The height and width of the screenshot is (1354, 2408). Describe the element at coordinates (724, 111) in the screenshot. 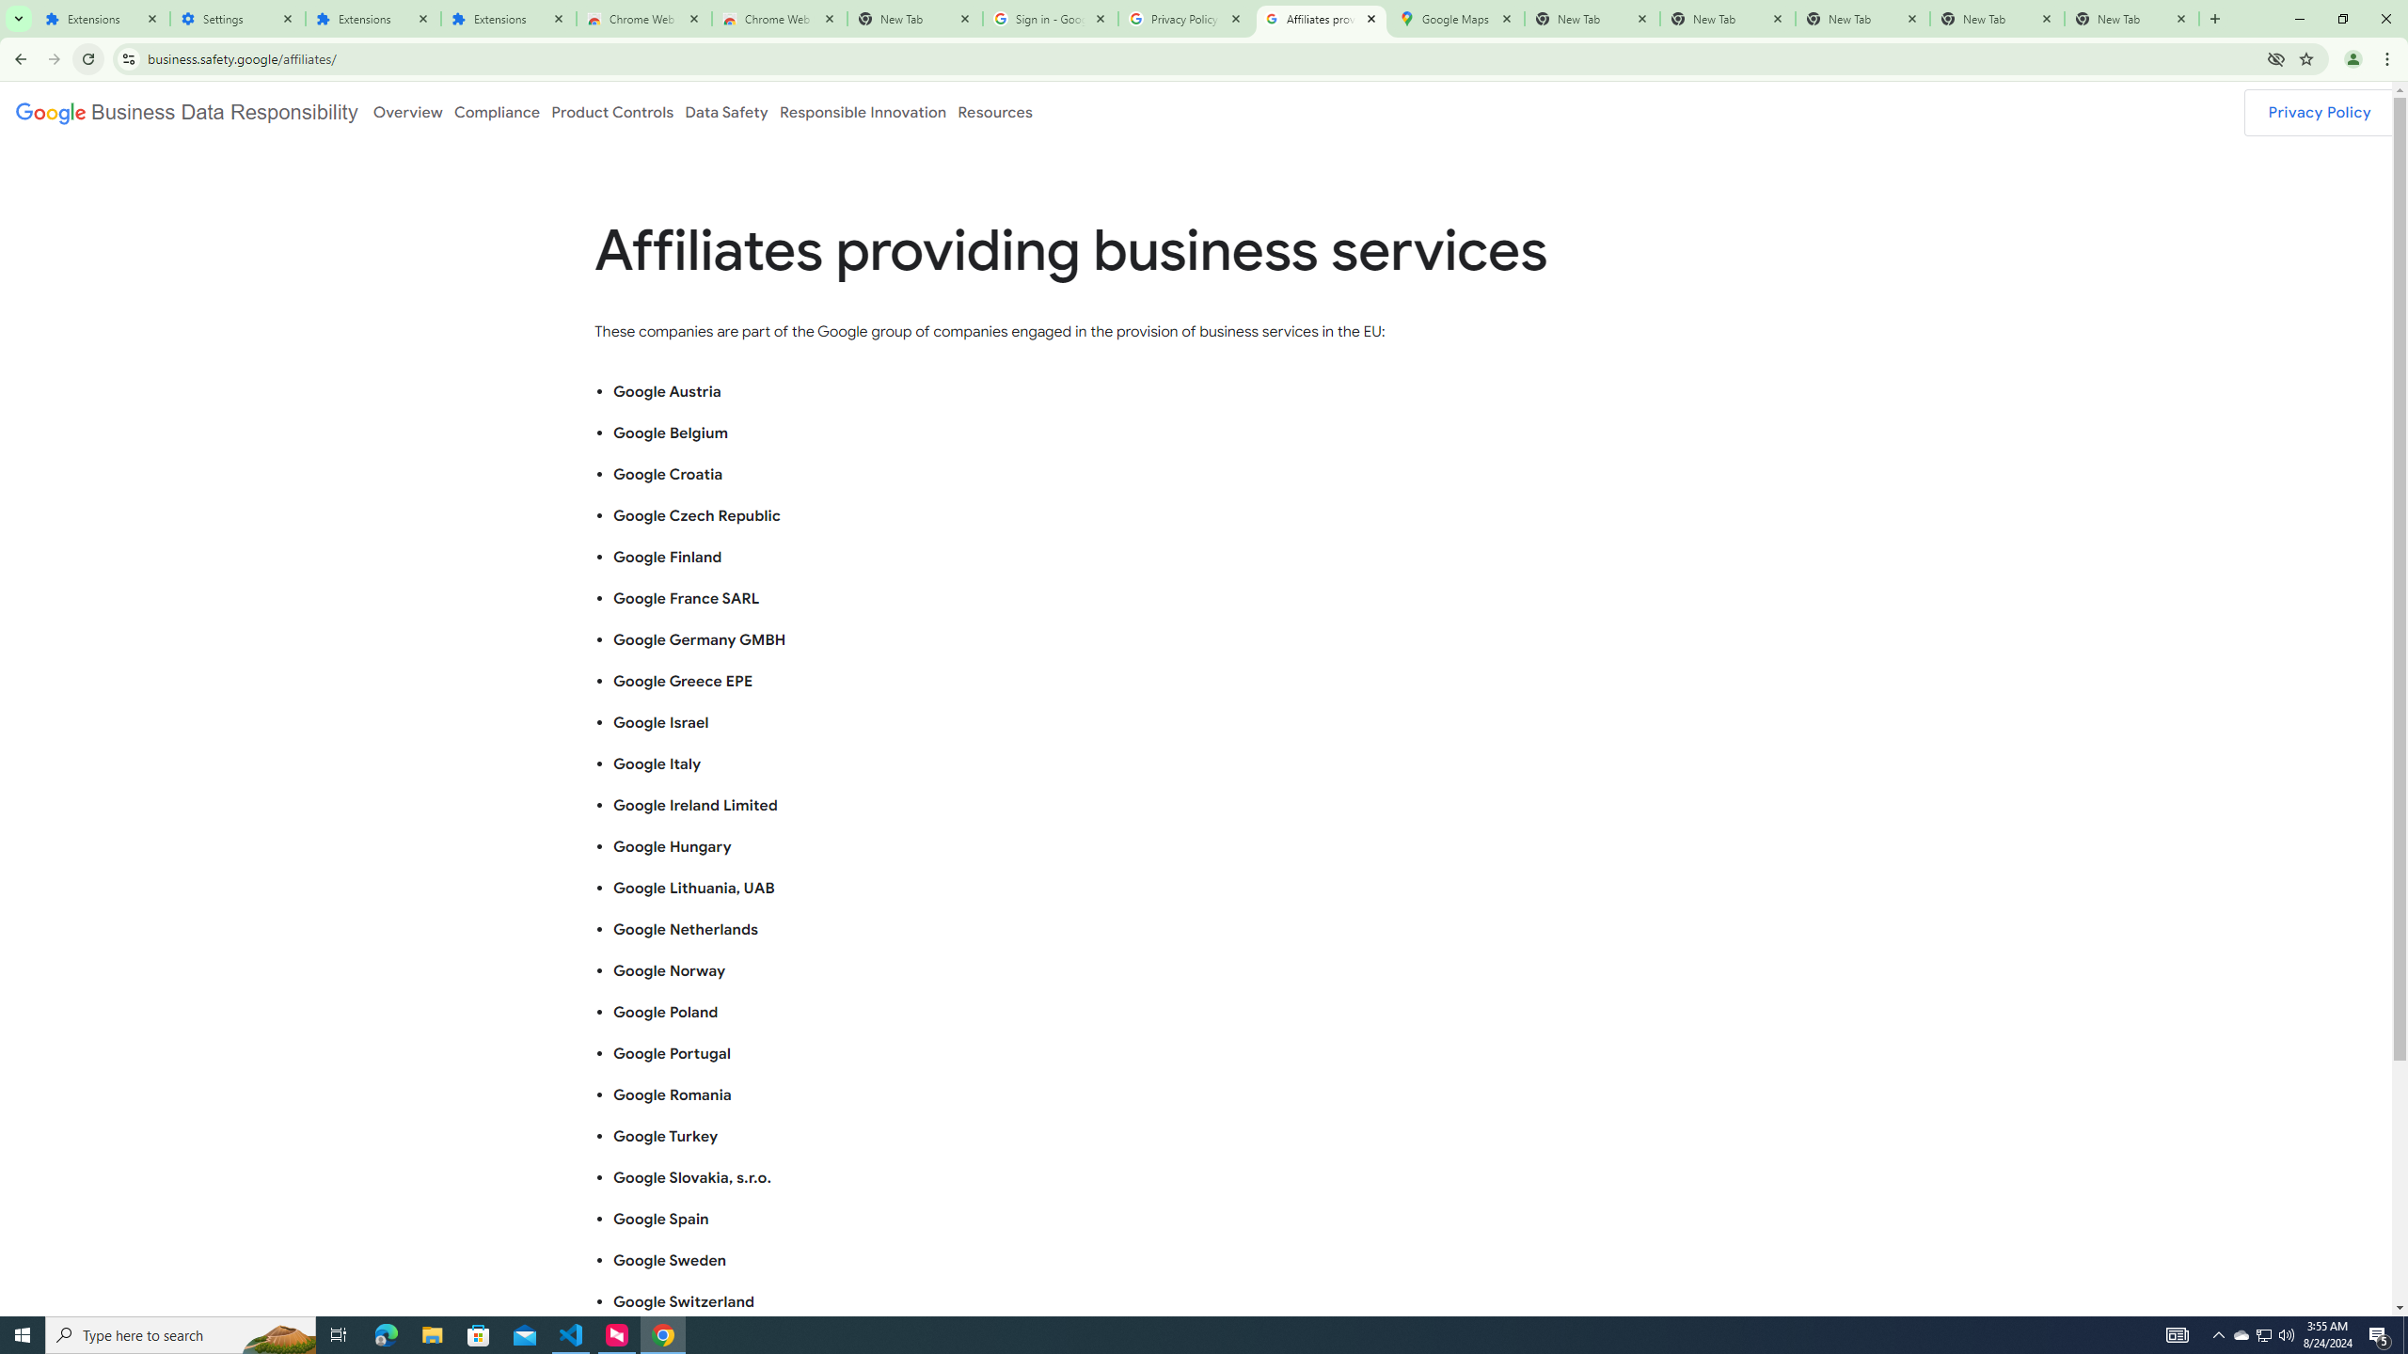

I see `'Data Safety'` at that location.